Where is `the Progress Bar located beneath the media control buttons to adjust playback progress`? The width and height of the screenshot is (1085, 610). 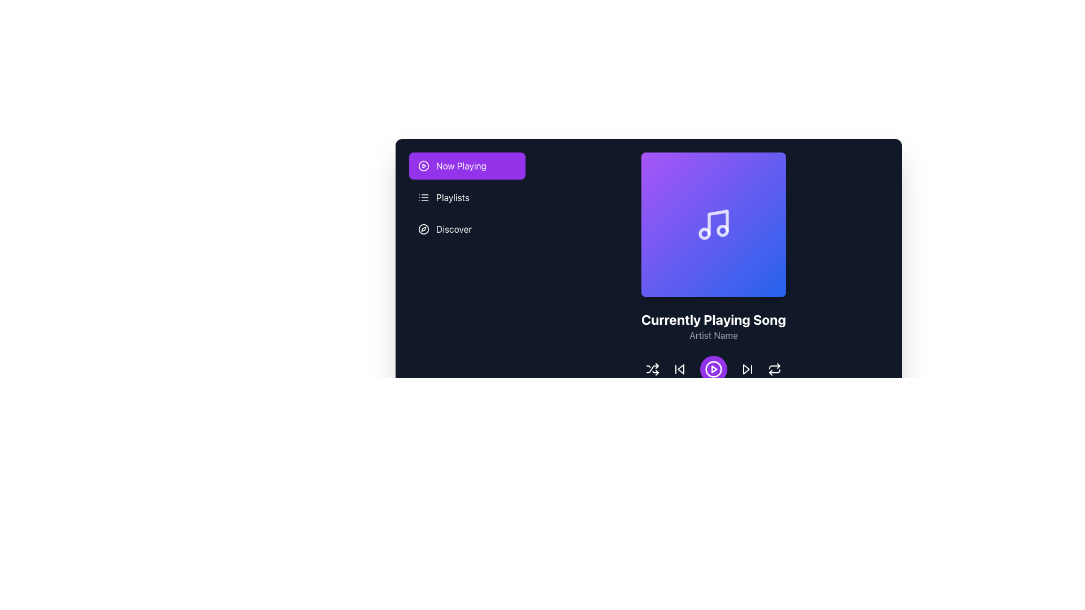 the Progress Bar located beneath the media control buttons to adjust playback progress is located at coordinates (713, 402).